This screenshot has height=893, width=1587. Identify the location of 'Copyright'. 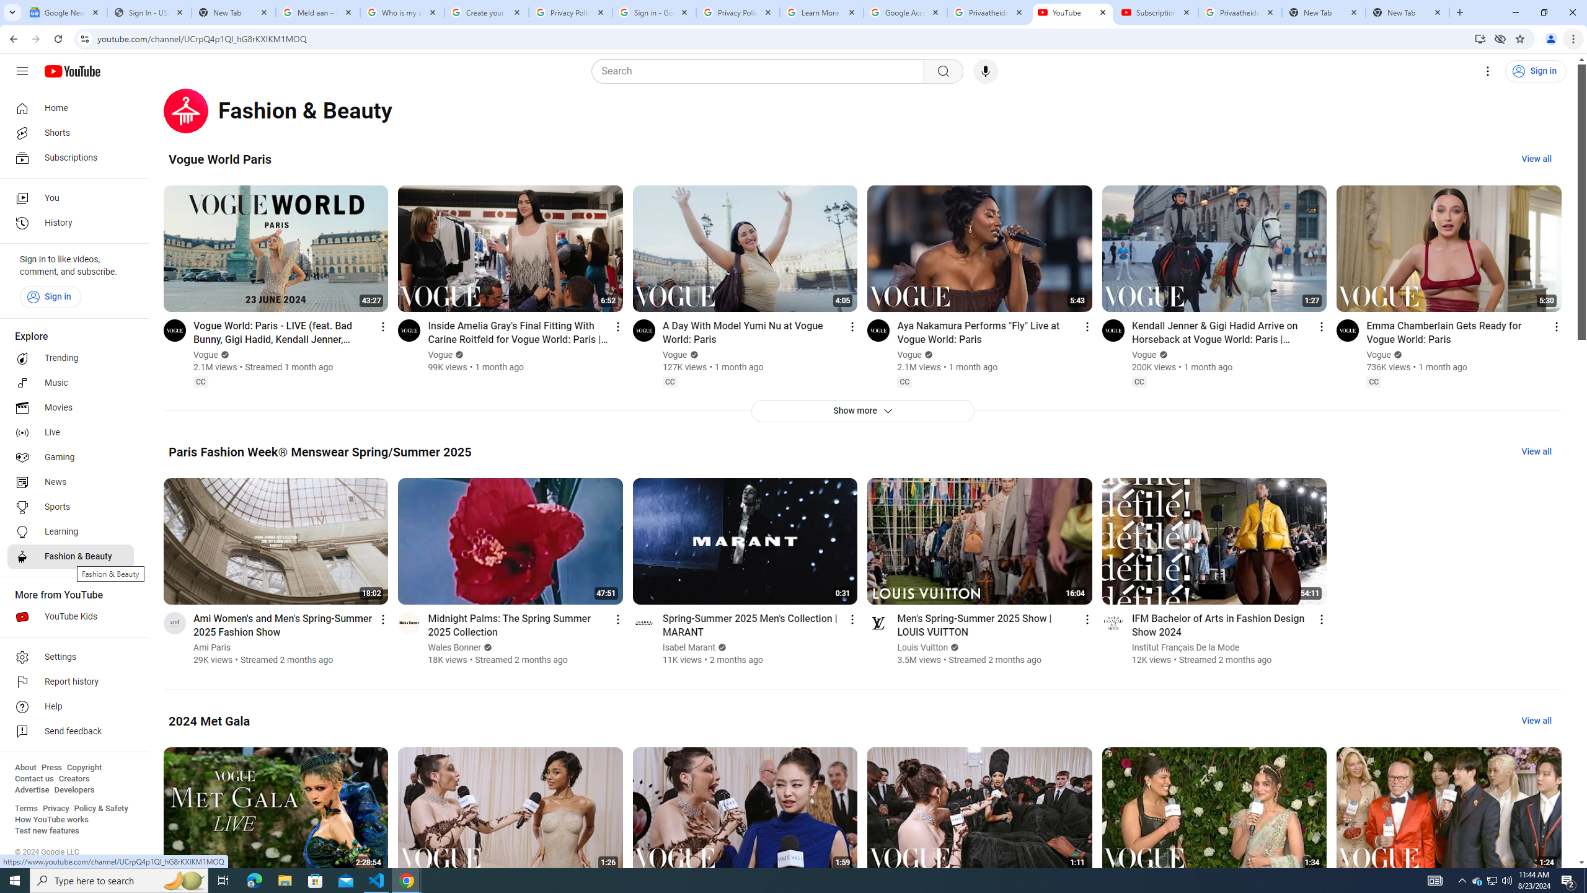
(83, 767).